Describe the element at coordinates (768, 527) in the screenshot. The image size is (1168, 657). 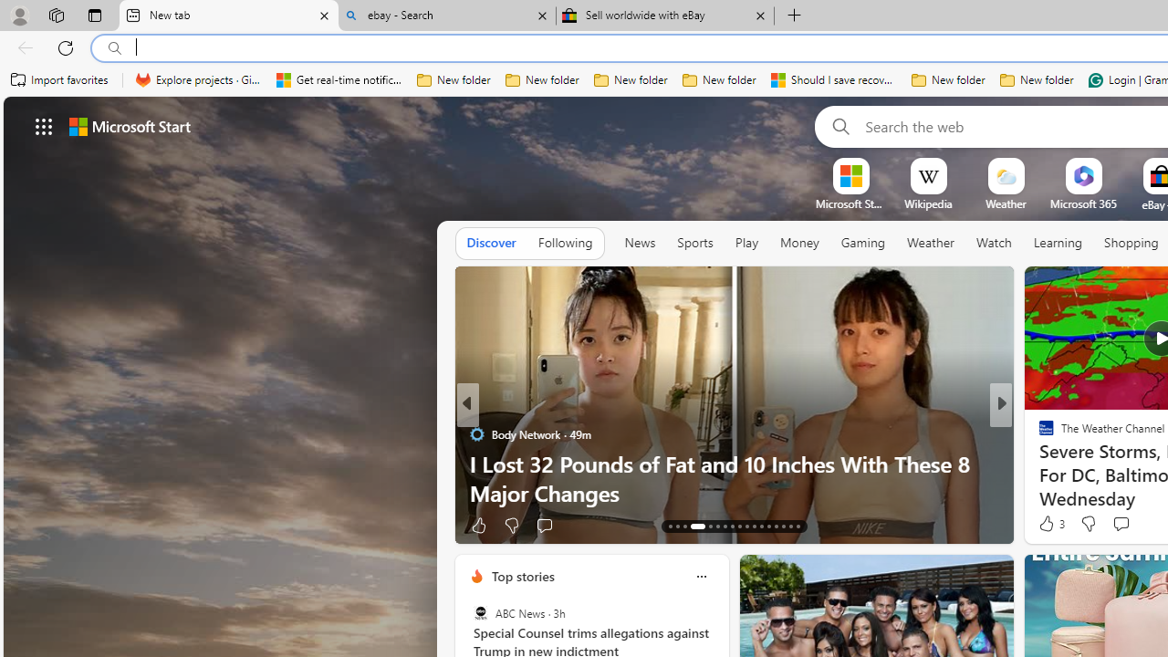
I see `'AutomationID: tab-25'` at that location.